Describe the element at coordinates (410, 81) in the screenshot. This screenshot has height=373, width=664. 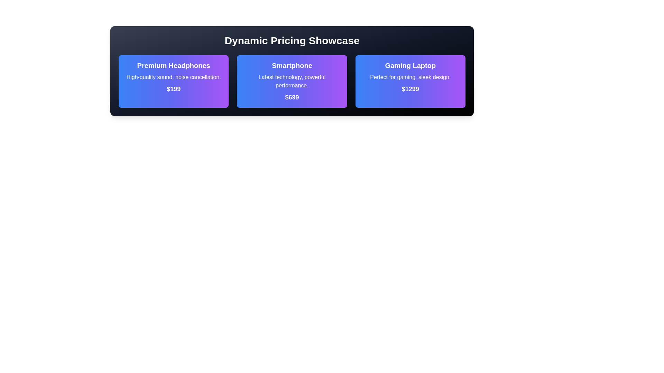
I see `the gaming laptop card widget at the rightmost position in the row of three cards` at that location.